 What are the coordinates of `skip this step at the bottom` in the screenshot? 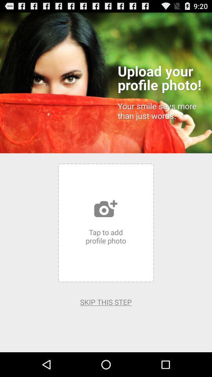 It's located at (106, 302).